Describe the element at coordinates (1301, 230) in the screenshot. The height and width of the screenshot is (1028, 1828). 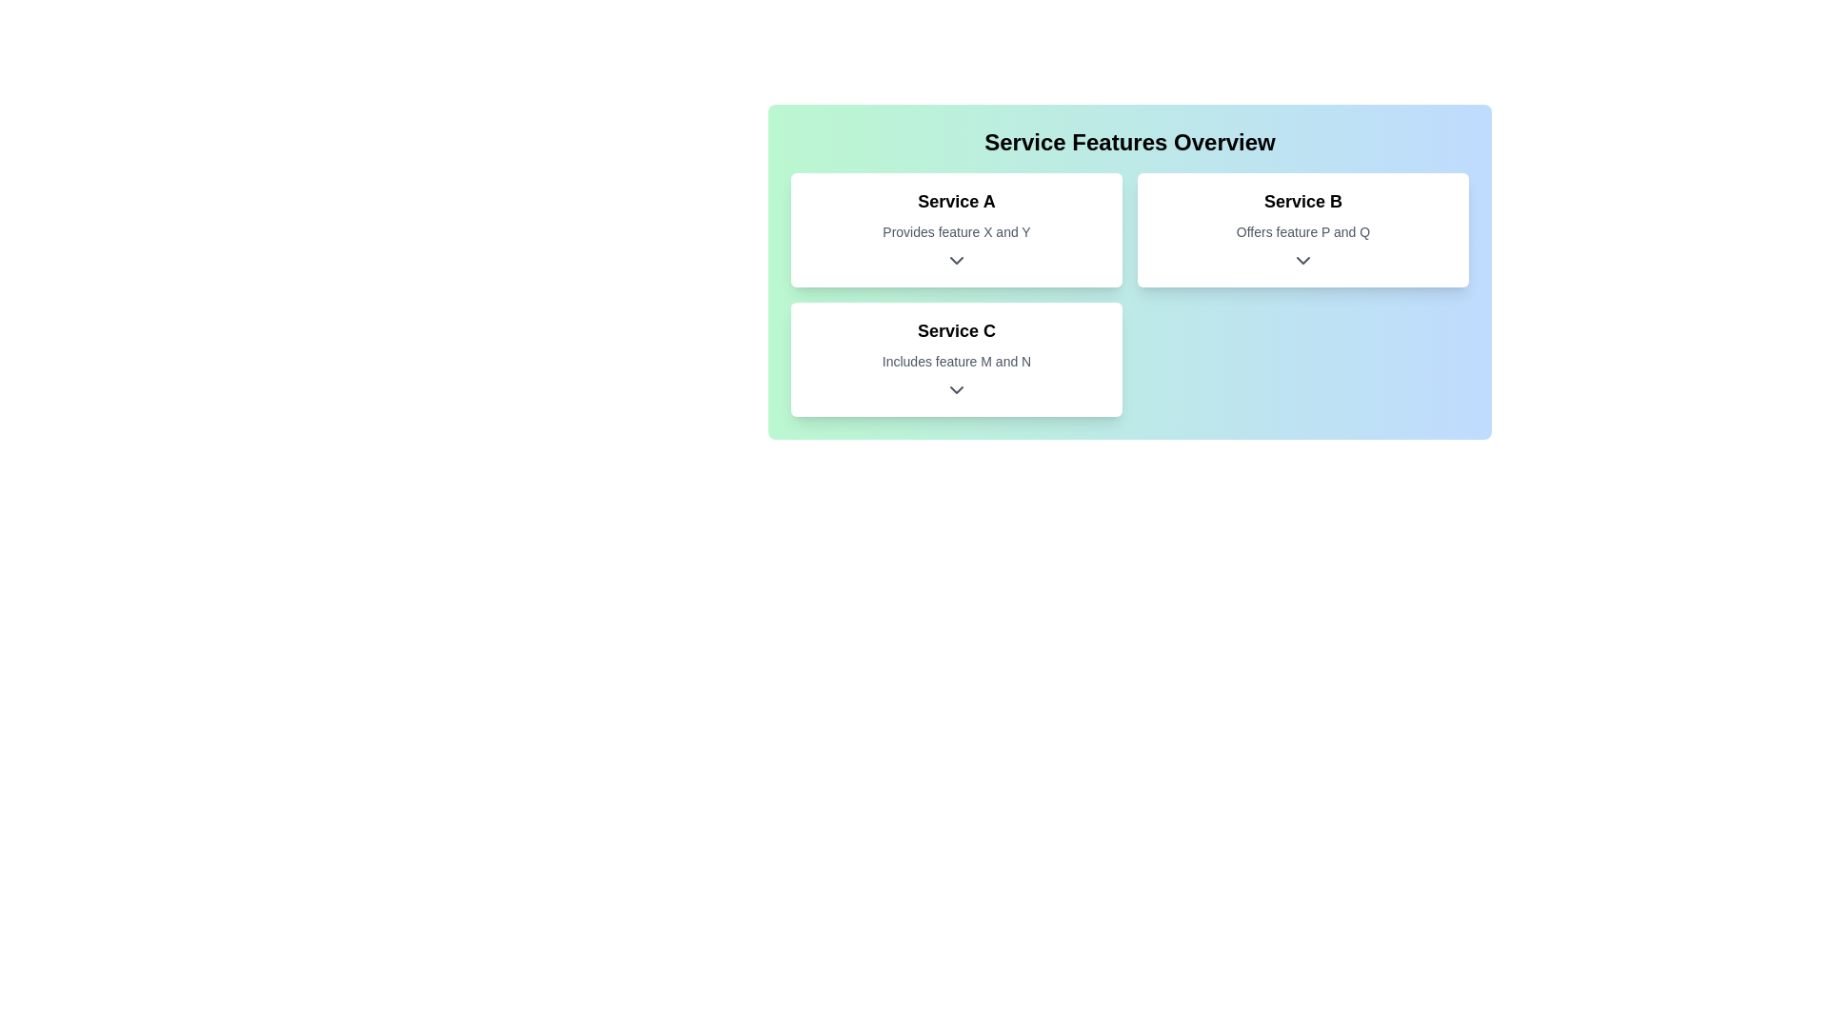
I see `the static text label providing an overview of features related to 'Service B', which is located in the second column of the three-column layout, directly below the title 'Service B'` at that location.